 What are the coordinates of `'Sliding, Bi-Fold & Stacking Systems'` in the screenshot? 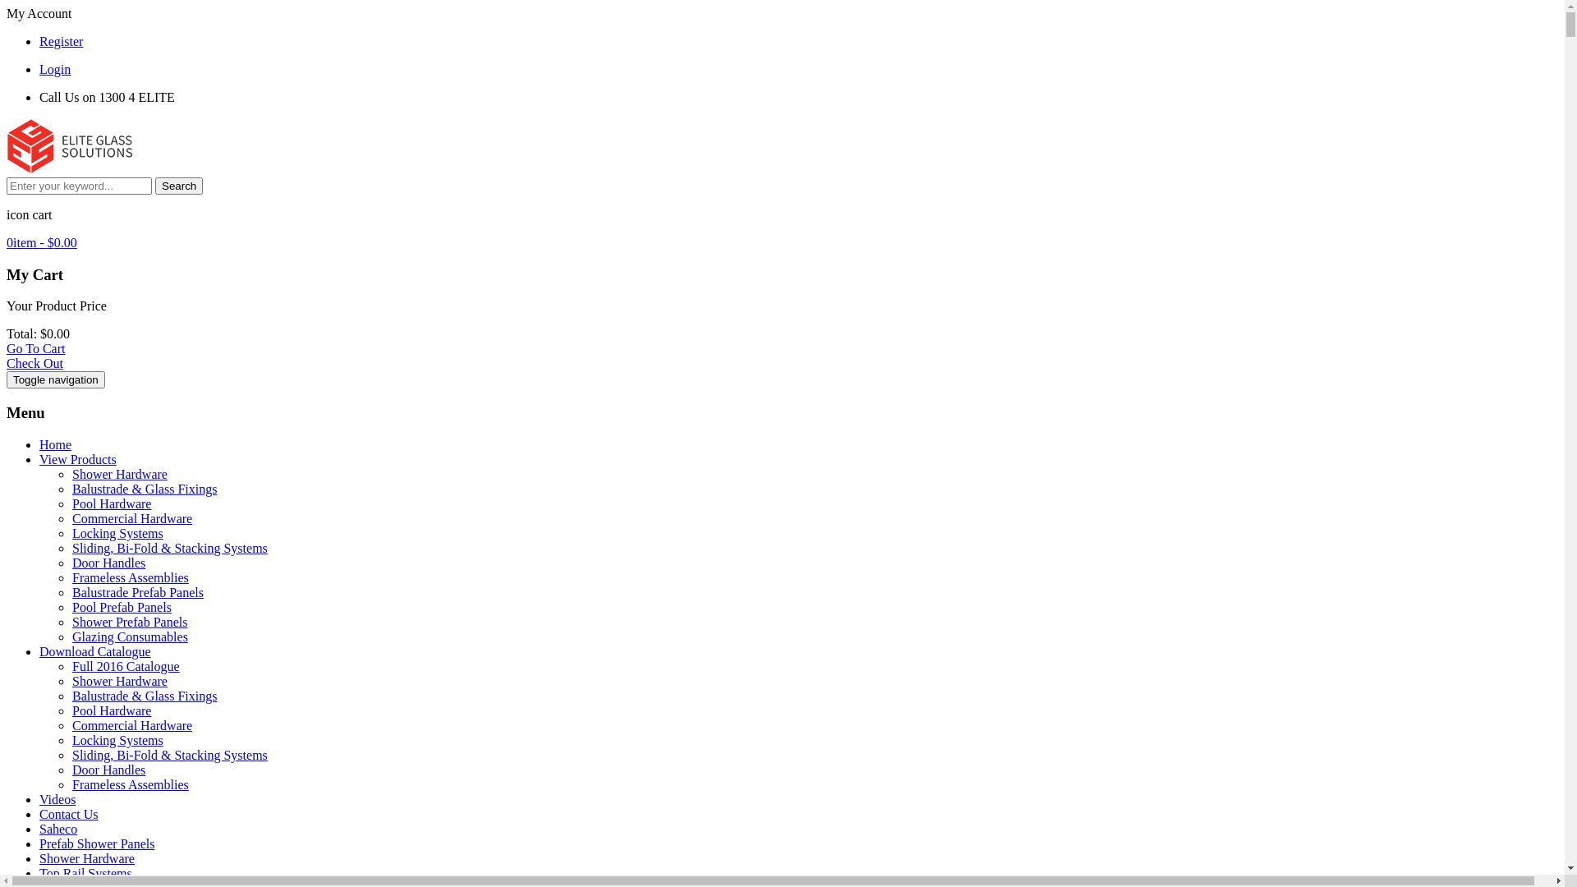 It's located at (71, 755).